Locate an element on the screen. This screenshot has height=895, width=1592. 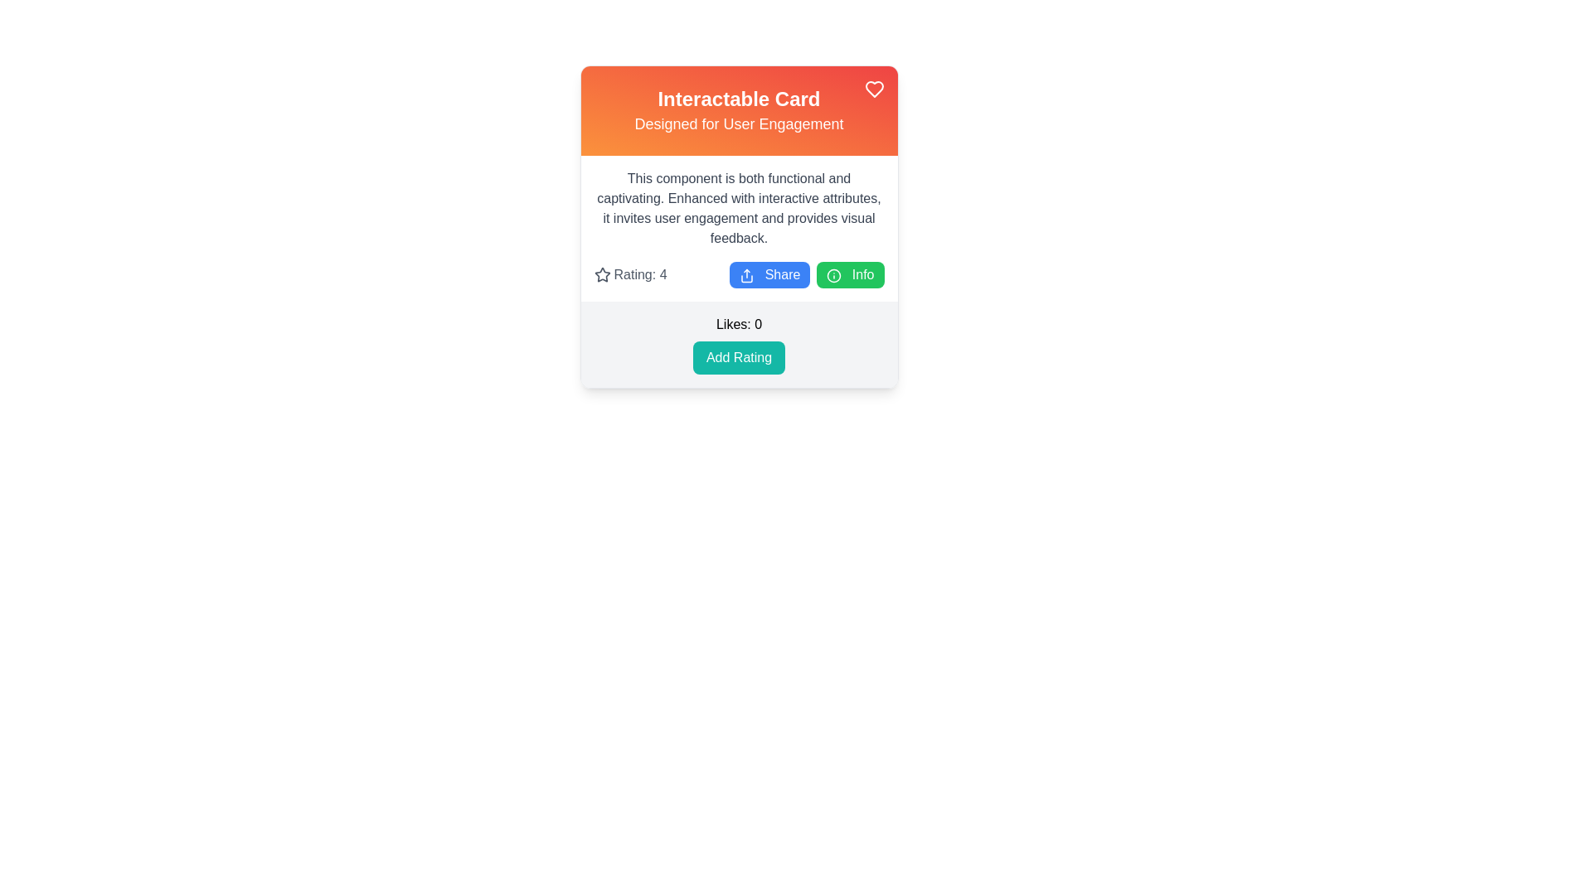
the 'Add Rating' button in the composite element displaying 'Likes: 0' to trigger any interactive style change is located at coordinates (738, 344).